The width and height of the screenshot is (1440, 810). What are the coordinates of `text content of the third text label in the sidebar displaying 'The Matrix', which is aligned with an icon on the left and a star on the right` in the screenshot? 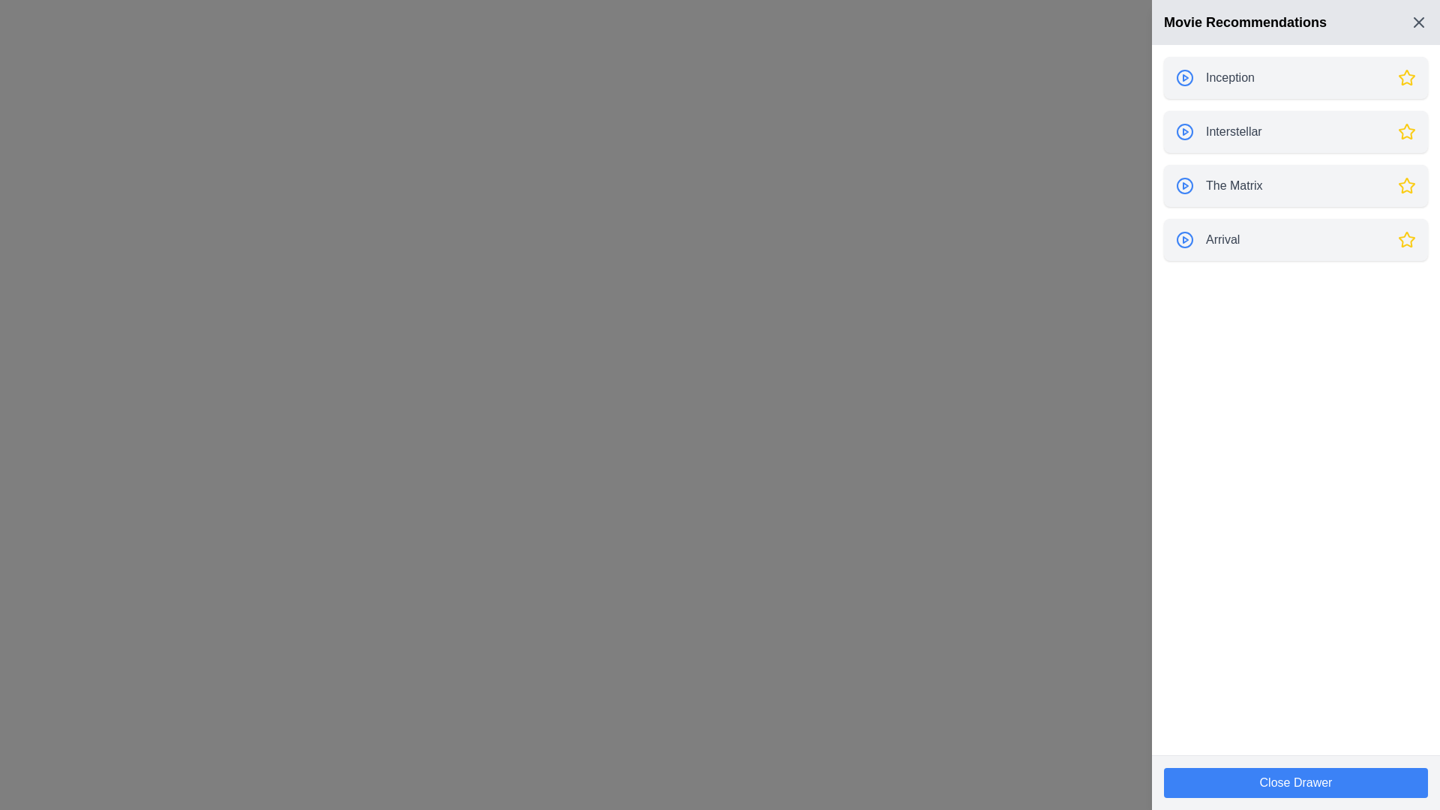 It's located at (1234, 184).